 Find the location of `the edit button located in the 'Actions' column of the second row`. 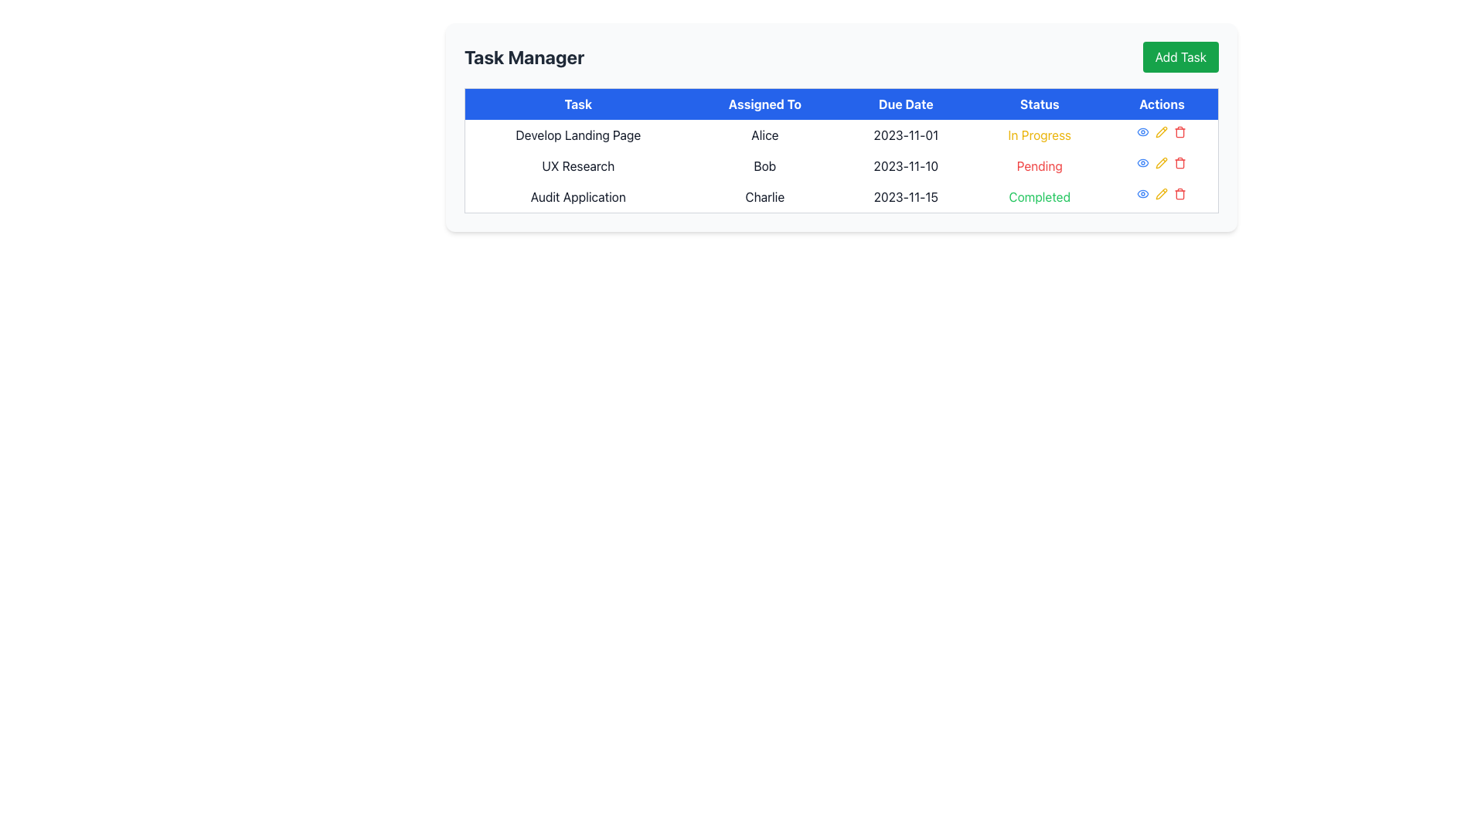

the edit button located in the 'Actions' column of the second row is located at coordinates (1162, 163).